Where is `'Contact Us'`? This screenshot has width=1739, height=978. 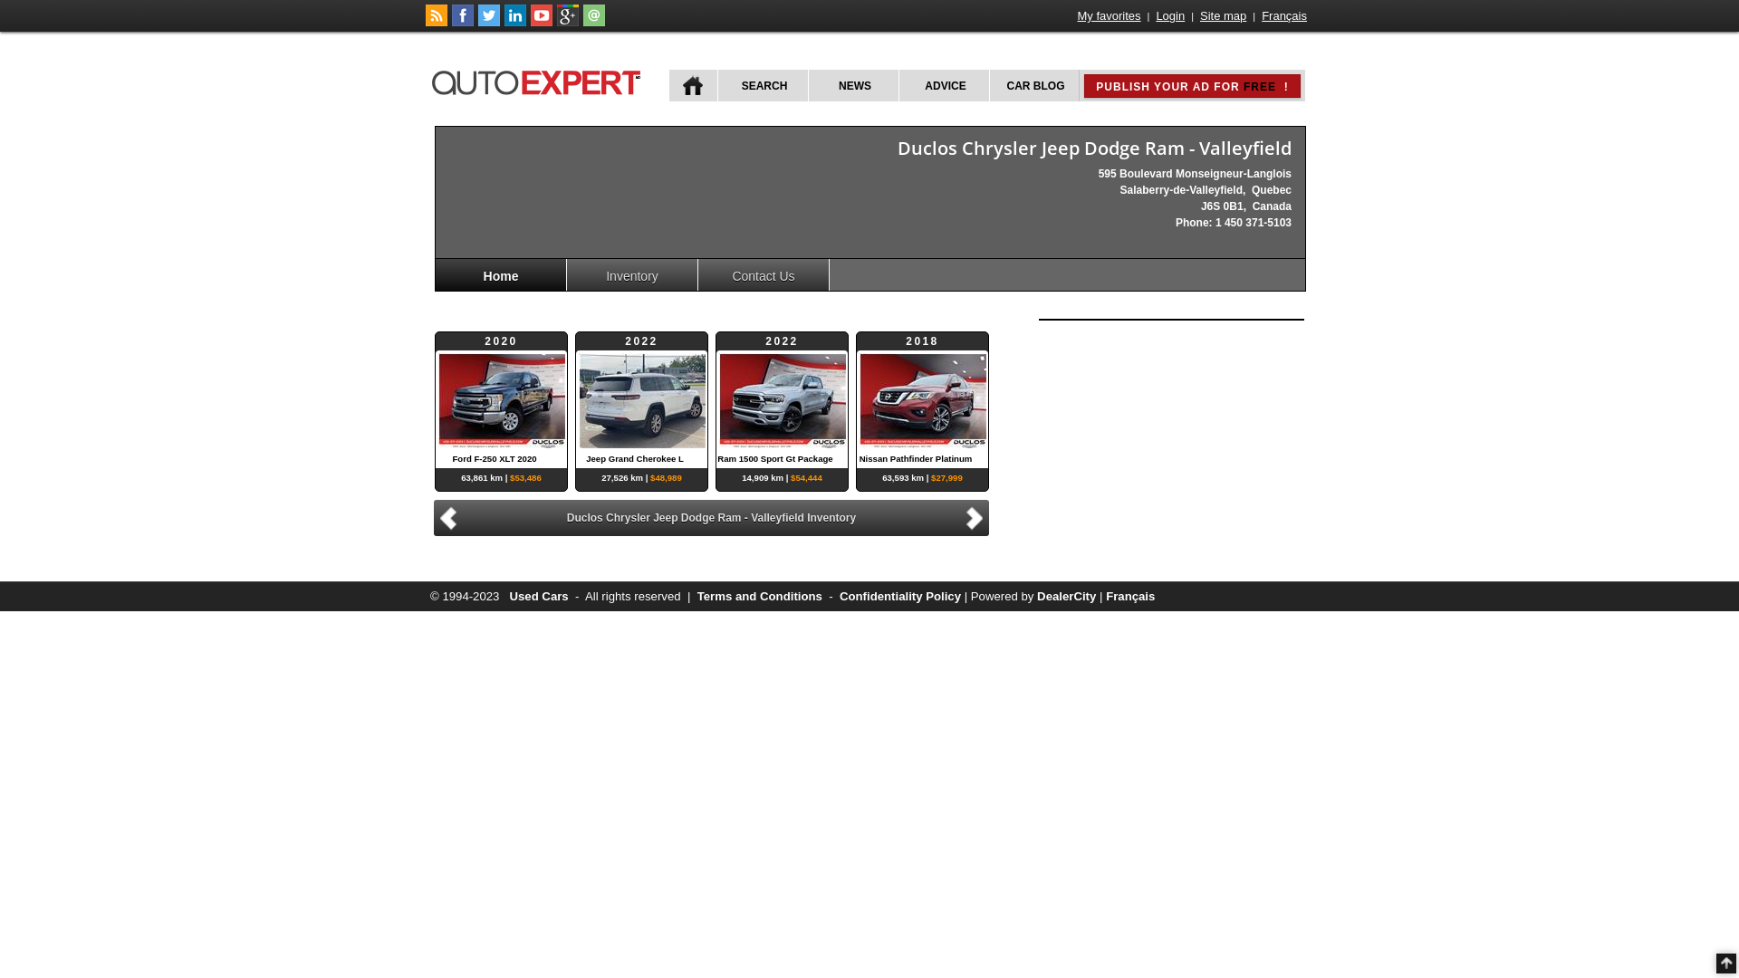
'Contact Us' is located at coordinates (764, 274).